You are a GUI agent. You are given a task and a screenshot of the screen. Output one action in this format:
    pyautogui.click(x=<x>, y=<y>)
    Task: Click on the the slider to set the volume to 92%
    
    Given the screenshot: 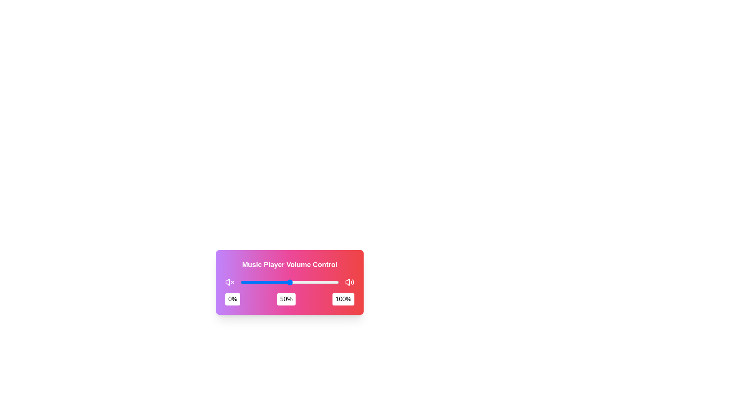 What is the action you would take?
    pyautogui.click(x=331, y=282)
    